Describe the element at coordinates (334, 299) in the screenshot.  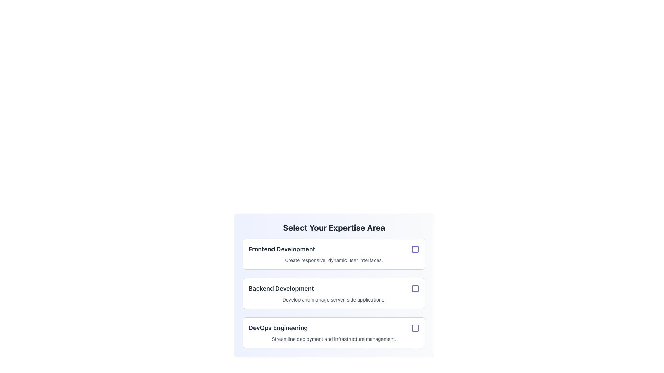
I see `the descriptive text that reads 'Develop and manage server-side applications.' located beneath the 'Backend Development' header` at that location.